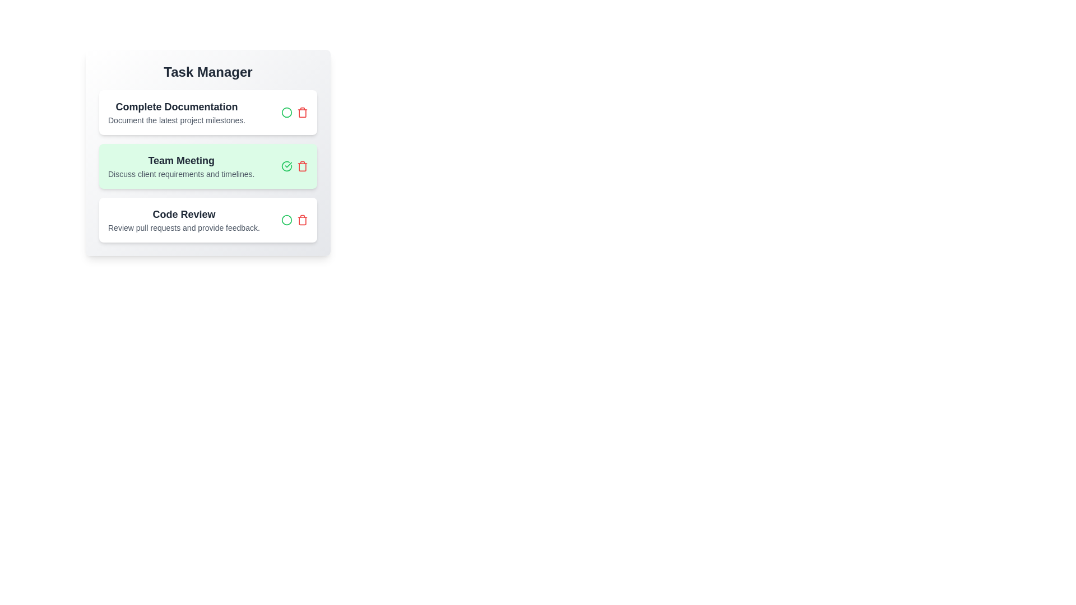  I want to click on the task titled 'Code Review' by clicking its delete button, so click(302, 220).